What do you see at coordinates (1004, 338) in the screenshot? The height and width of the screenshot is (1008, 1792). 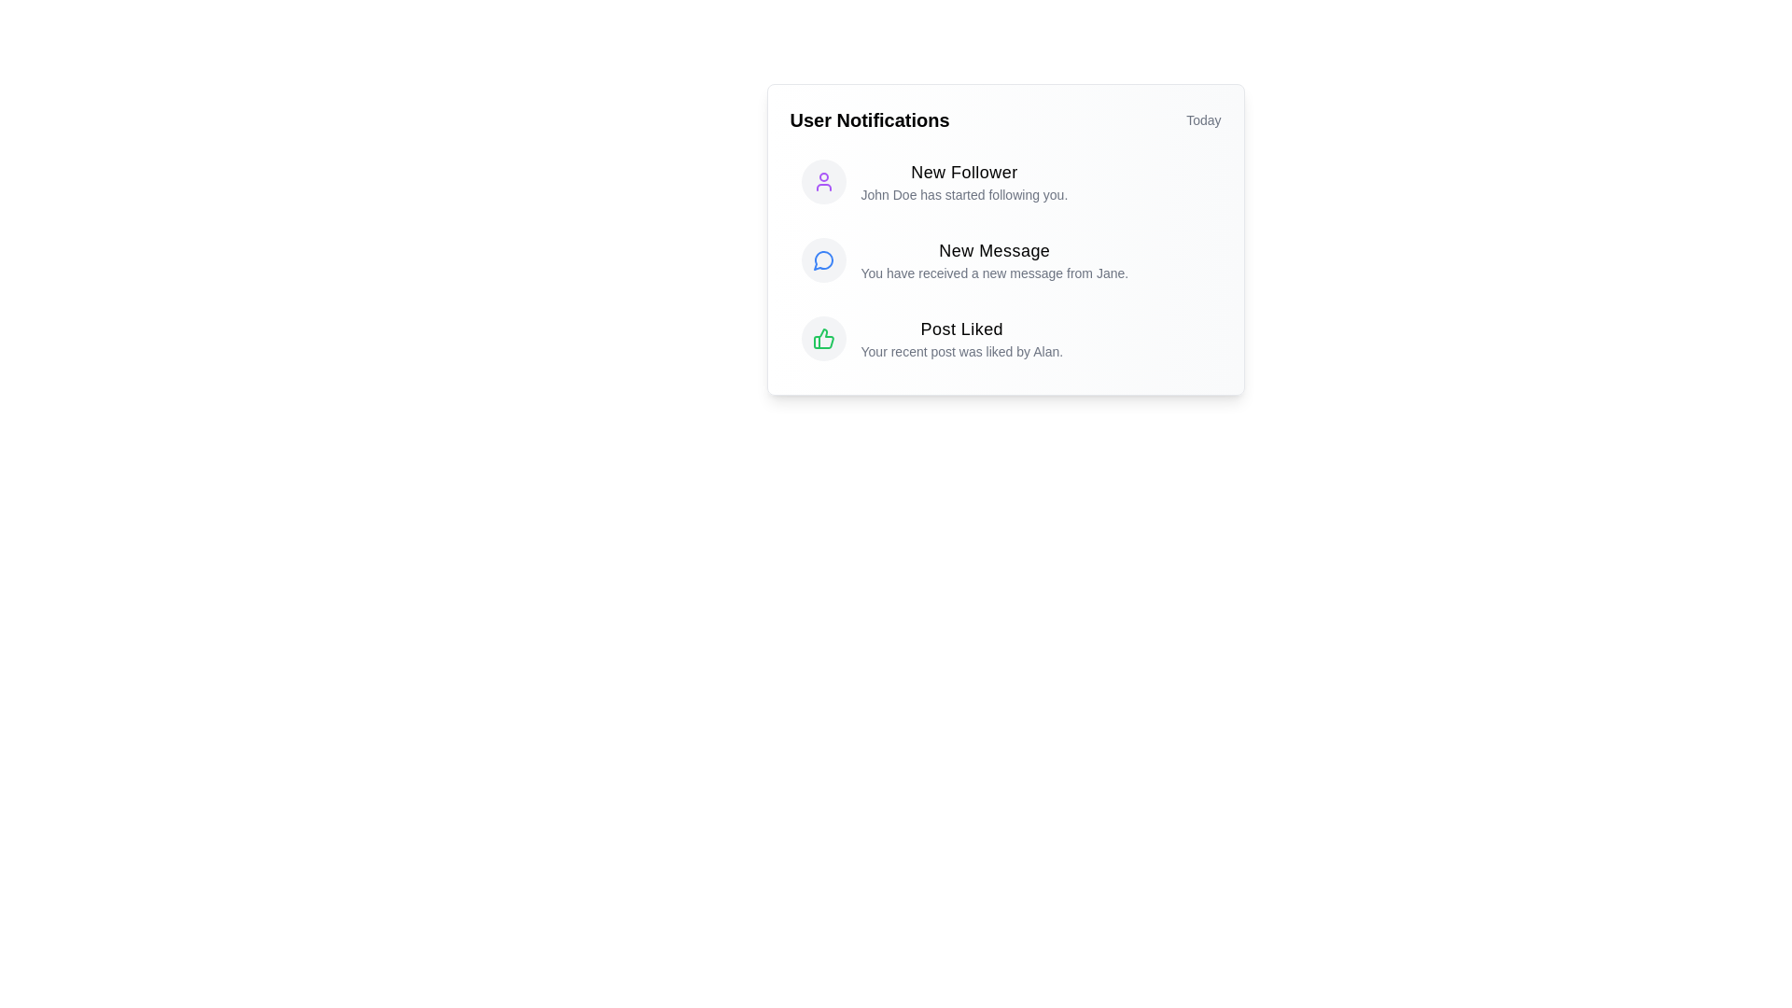 I see `notification titled 'Post Liked' which indicates that your recent post was liked by Alan` at bounding box center [1004, 338].